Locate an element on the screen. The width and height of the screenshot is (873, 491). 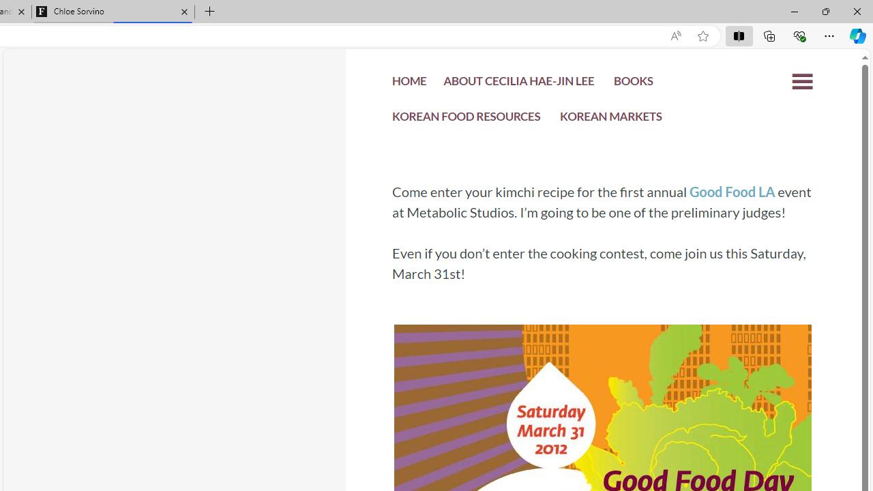
'KOREAN FOOD RESOURCES' is located at coordinates (467, 119).